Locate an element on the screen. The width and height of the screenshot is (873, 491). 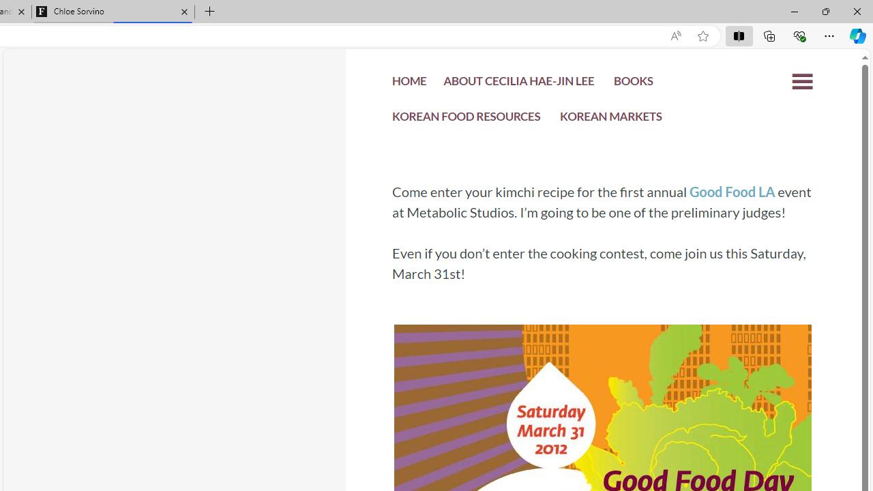
'KOREAN FOOD RESOURCES' is located at coordinates (467, 119).